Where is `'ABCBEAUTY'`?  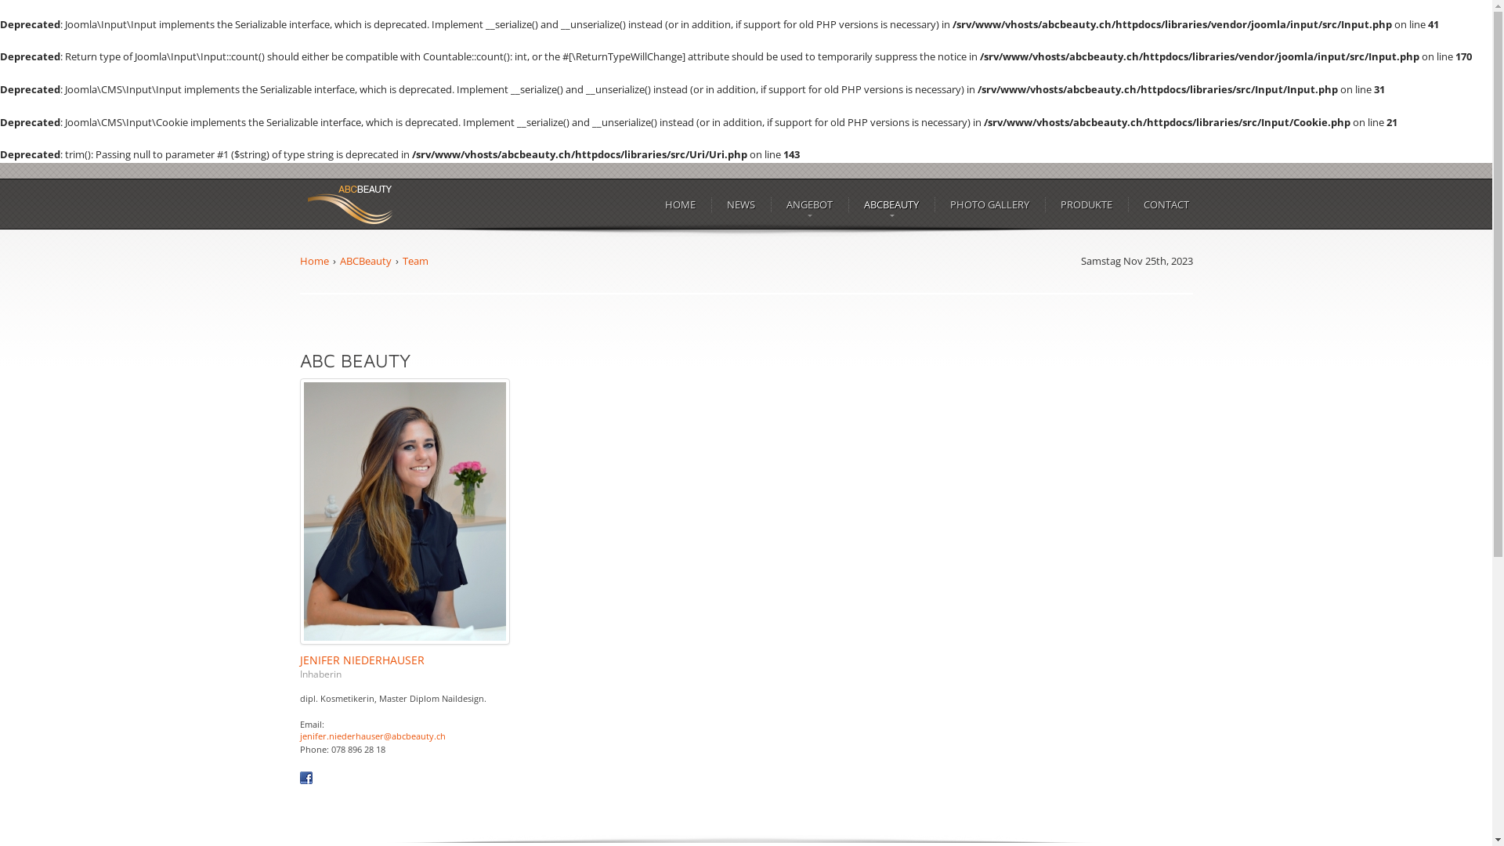 'ABCBEAUTY' is located at coordinates (891, 204).